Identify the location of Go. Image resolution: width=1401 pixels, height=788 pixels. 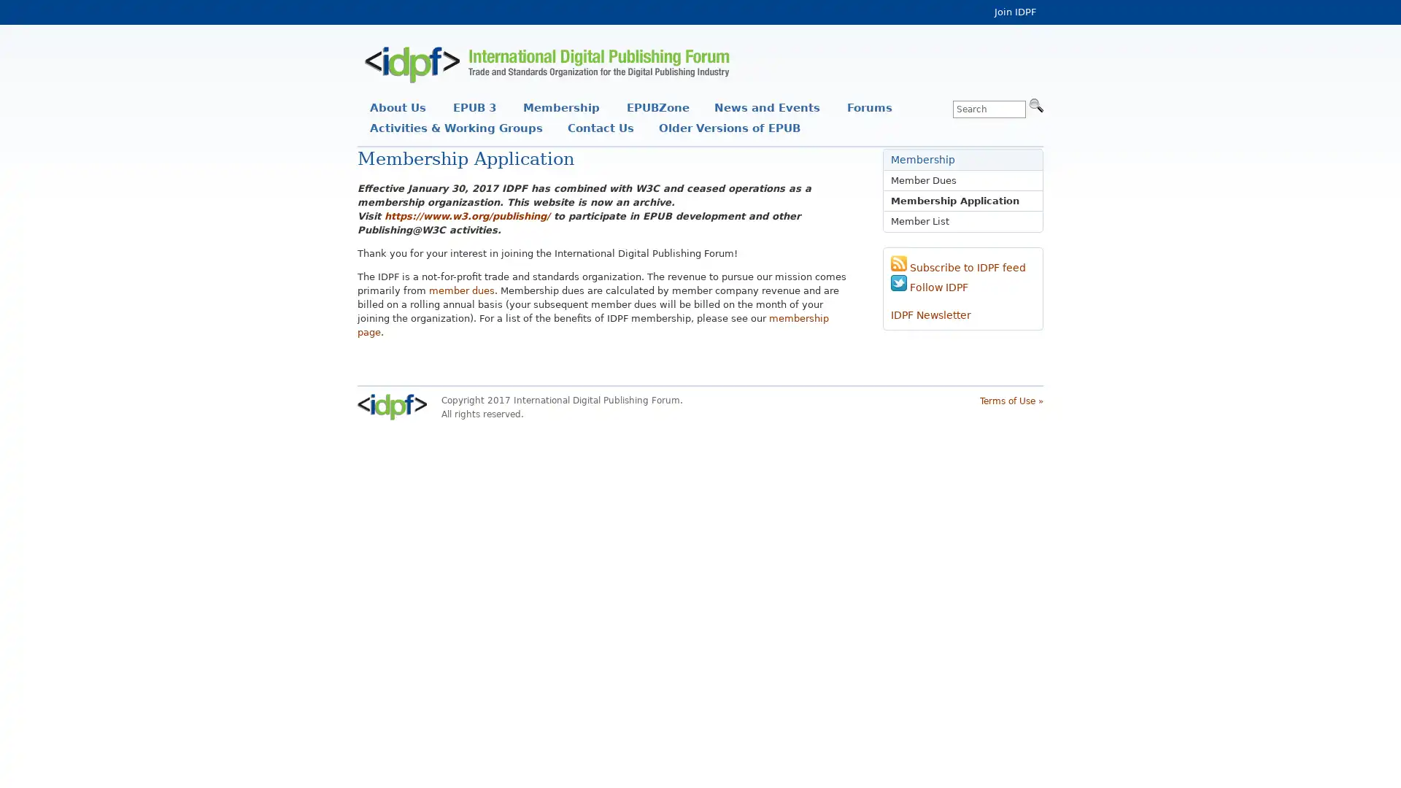
(1035, 104).